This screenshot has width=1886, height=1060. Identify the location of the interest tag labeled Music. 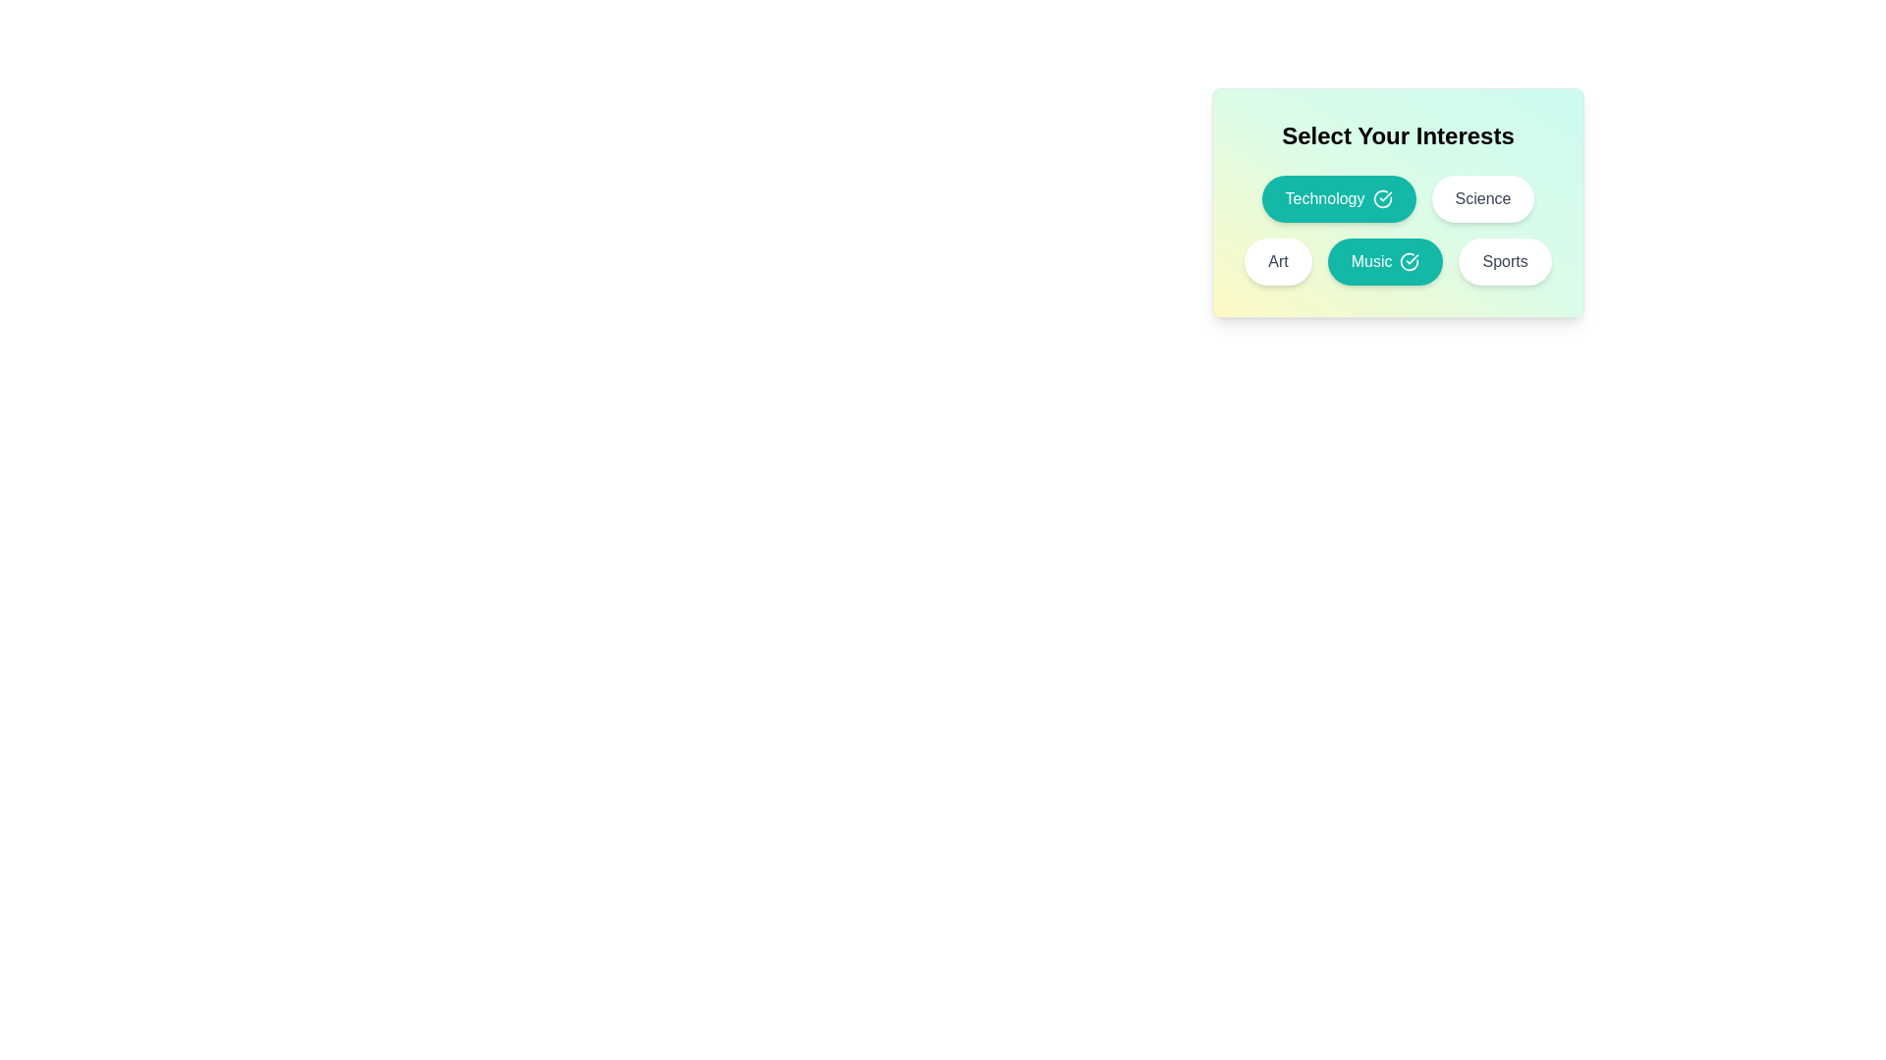
(1384, 260).